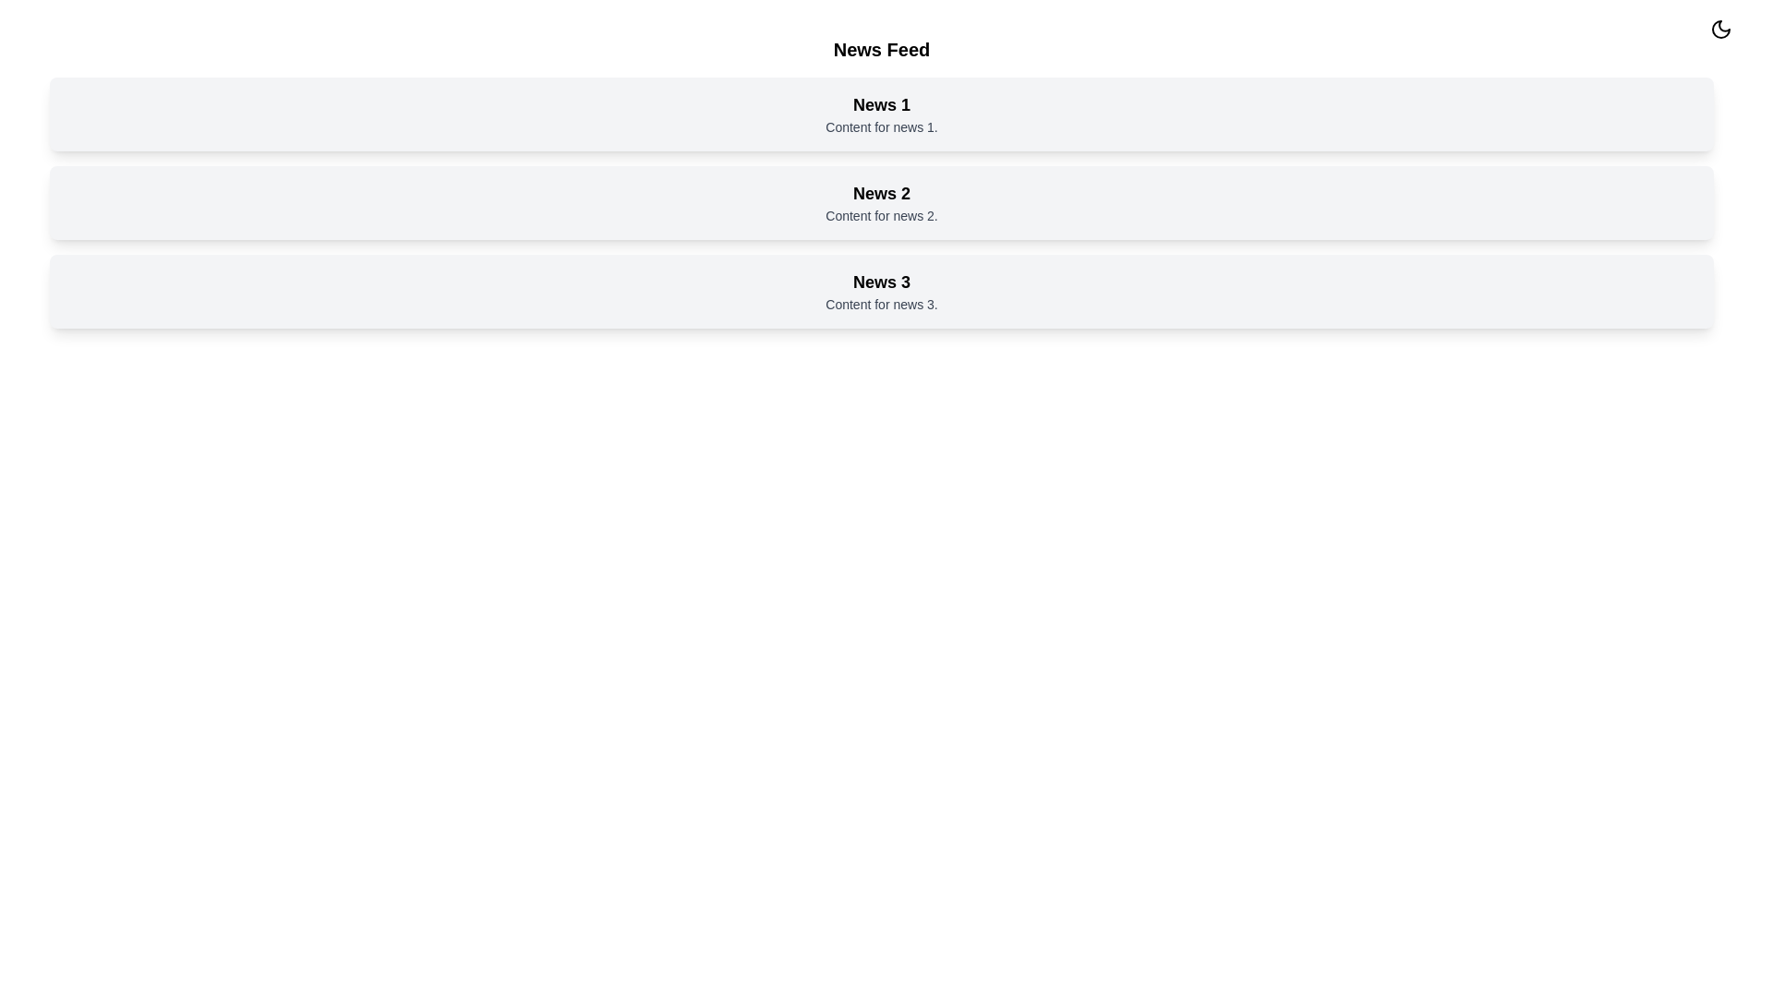 The width and height of the screenshot is (1773, 997). What do you see at coordinates (881, 215) in the screenshot?
I see `the descriptive text label located below the 'News 2' headline in the second card group under the 'News Feed' header` at bounding box center [881, 215].